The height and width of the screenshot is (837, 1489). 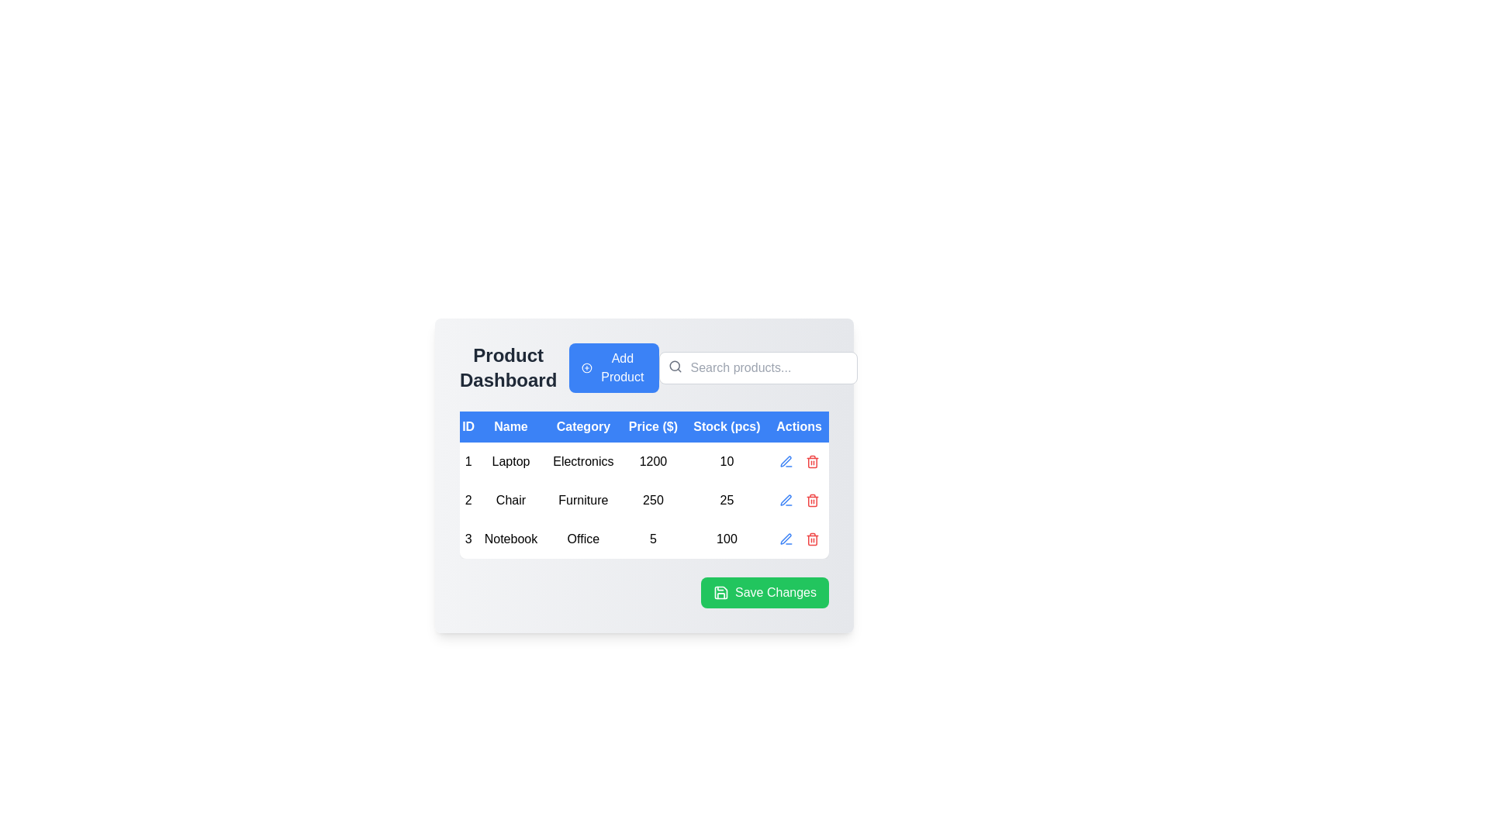 What do you see at coordinates (799, 500) in the screenshot?
I see `the decorative layout spacer located in the rightmost cell of the second row under the 'Actions' column, which separates the 'edit' and 'delete' icons` at bounding box center [799, 500].